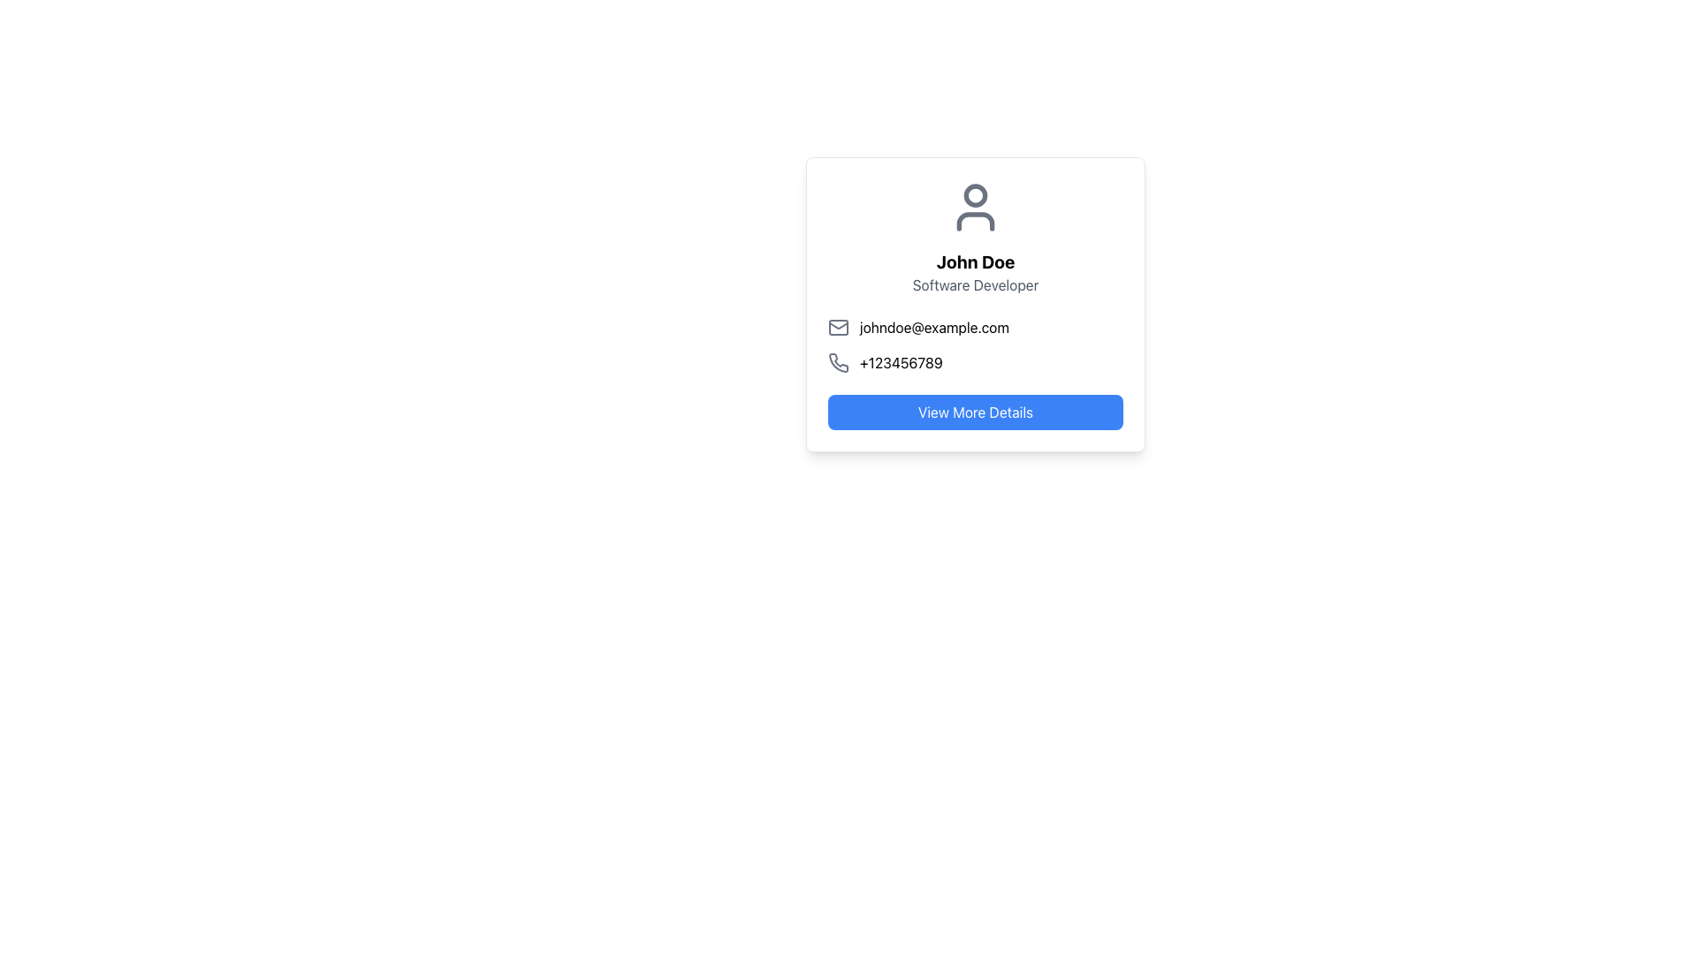 This screenshot has width=1697, height=954. Describe the element at coordinates (838, 327) in the screenshot. I see `the visual indicator icon for the email address 'johndoe@example.com' located to the left of the email text within the contact detail section` at that location.